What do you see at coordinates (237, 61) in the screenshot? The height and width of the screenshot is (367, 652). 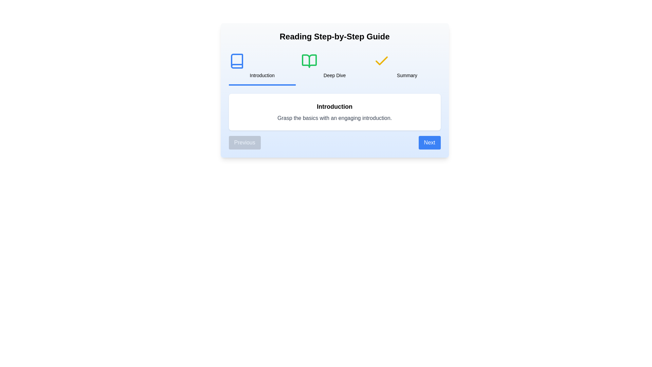 I see `the icon representing the step Introduction` at bounding box center [237, 61].